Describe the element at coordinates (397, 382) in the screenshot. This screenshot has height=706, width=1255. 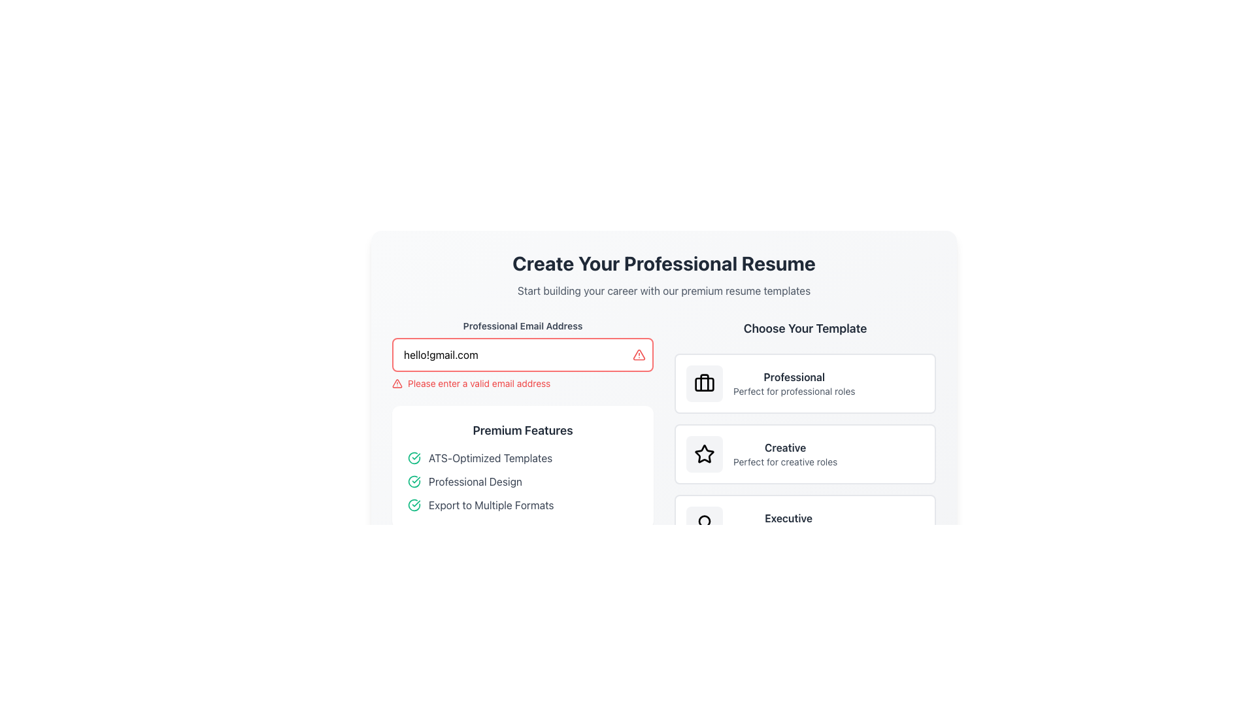
I see `the Warning icon located to the right of the 'Professional Email Address' input field` at that location.